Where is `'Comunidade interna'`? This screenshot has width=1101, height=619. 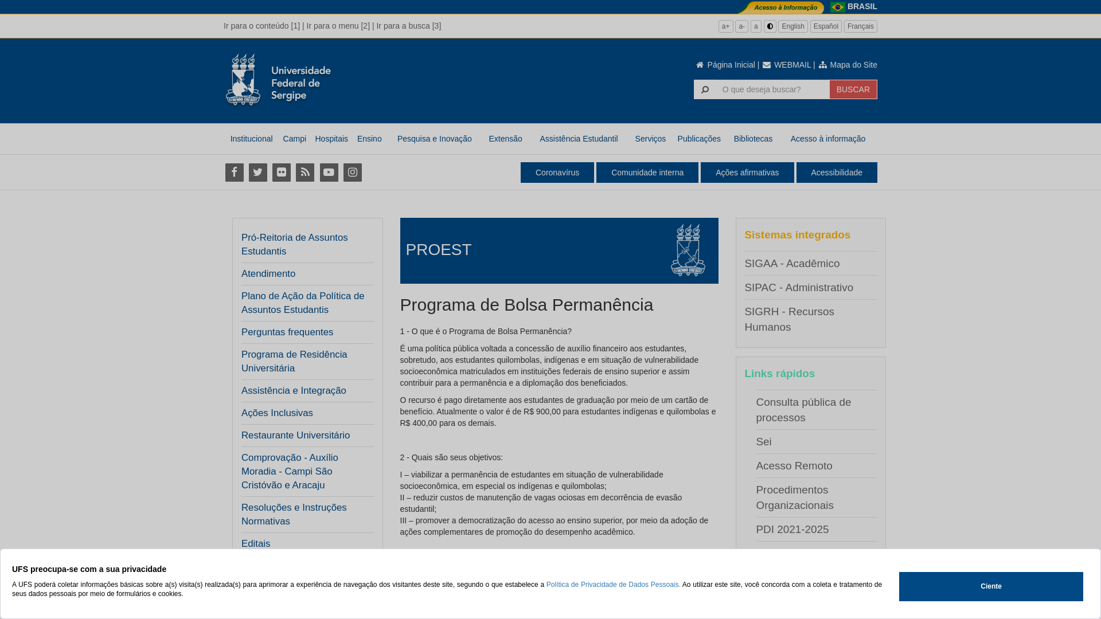 'Comunidade interna' is located at coordinates (647, 172).